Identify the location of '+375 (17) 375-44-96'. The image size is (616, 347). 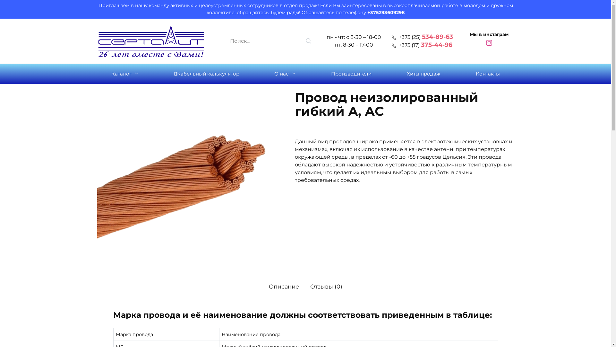
(422, 45).